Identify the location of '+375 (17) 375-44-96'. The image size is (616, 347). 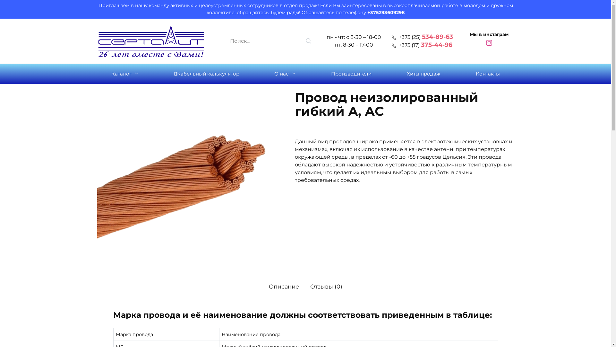
(422, 45).